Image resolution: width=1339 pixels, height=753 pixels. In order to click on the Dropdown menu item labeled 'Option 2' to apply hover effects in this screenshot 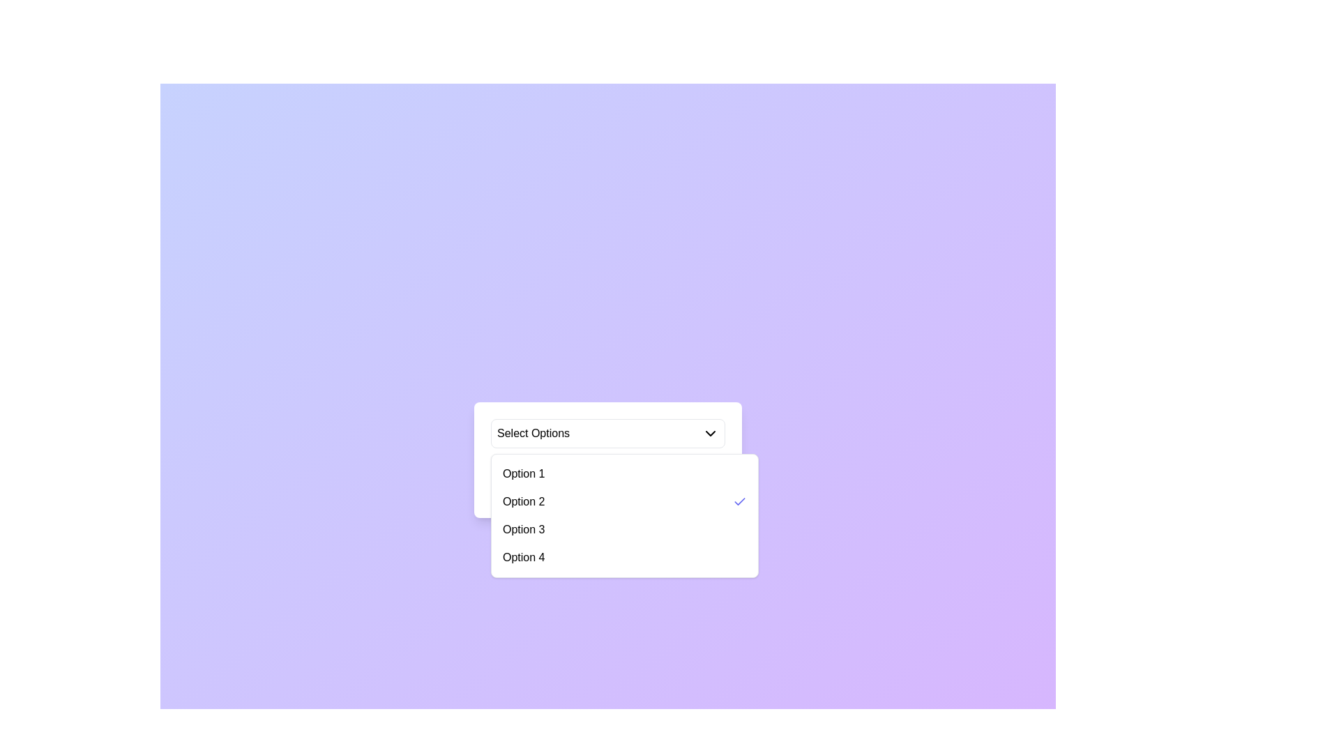, I will do `click(624, 502)`.